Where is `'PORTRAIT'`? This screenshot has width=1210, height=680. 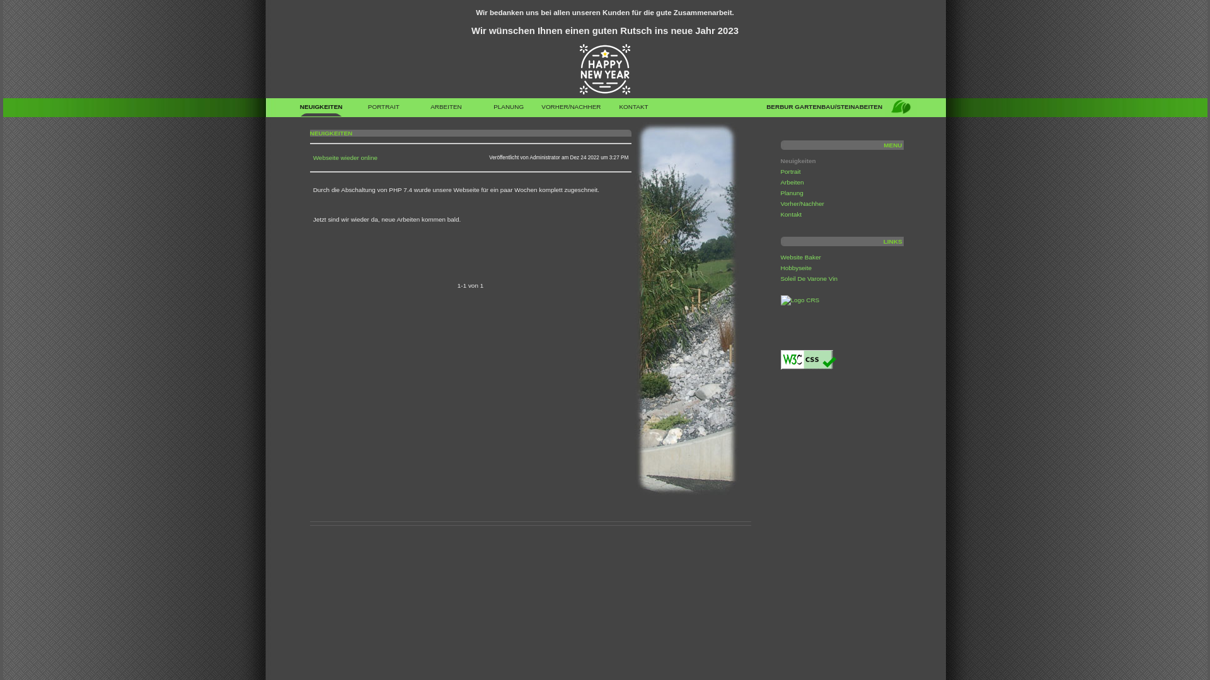
'PORTRAIT' is located at coordinates (383, 109).